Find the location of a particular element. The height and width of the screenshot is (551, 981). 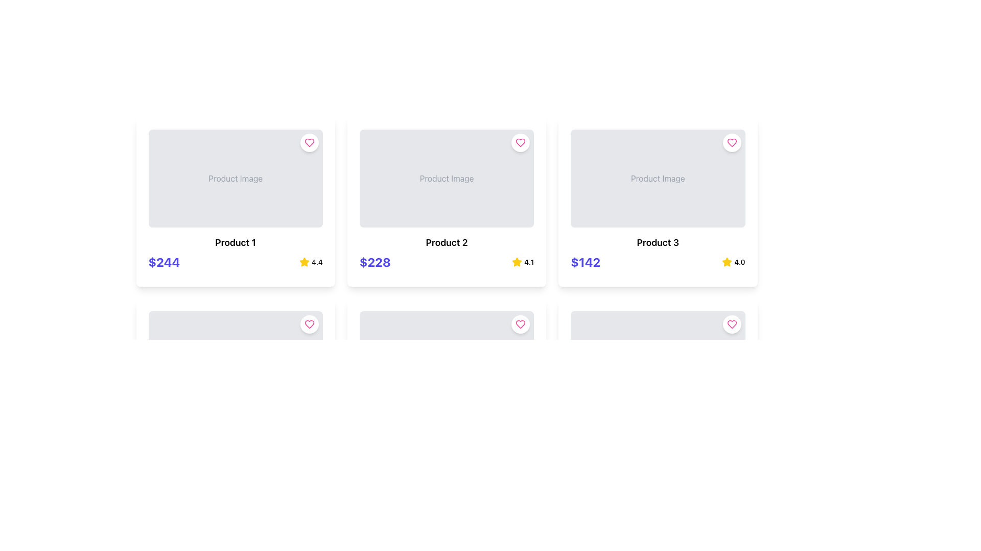

the star-shaped icon with a yellow fill and outline, which serves as a rating indicator next to the numeric rating value '4.1' in the second product card of the top row is located at coordinates (517, 261).